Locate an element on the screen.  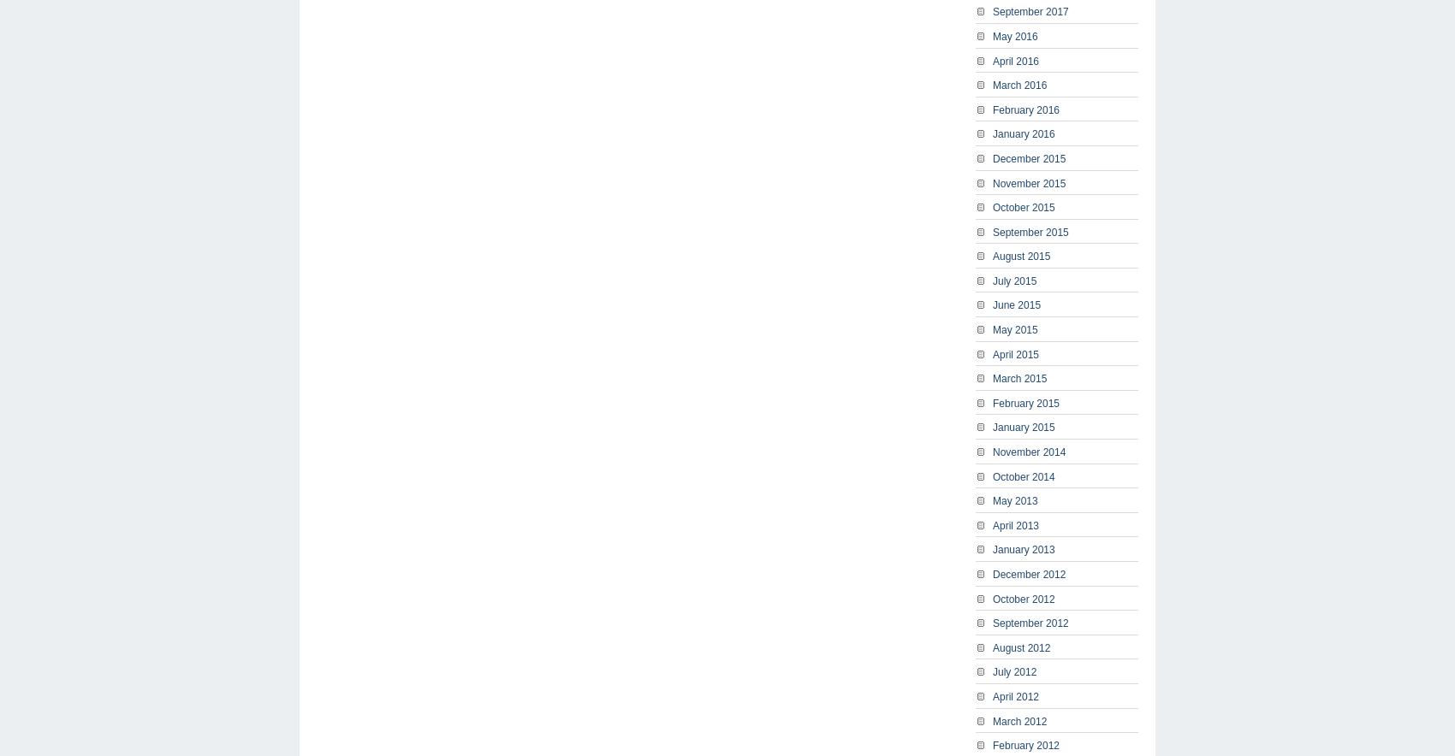
'May 2013' is located at coordinates (1013, 500).